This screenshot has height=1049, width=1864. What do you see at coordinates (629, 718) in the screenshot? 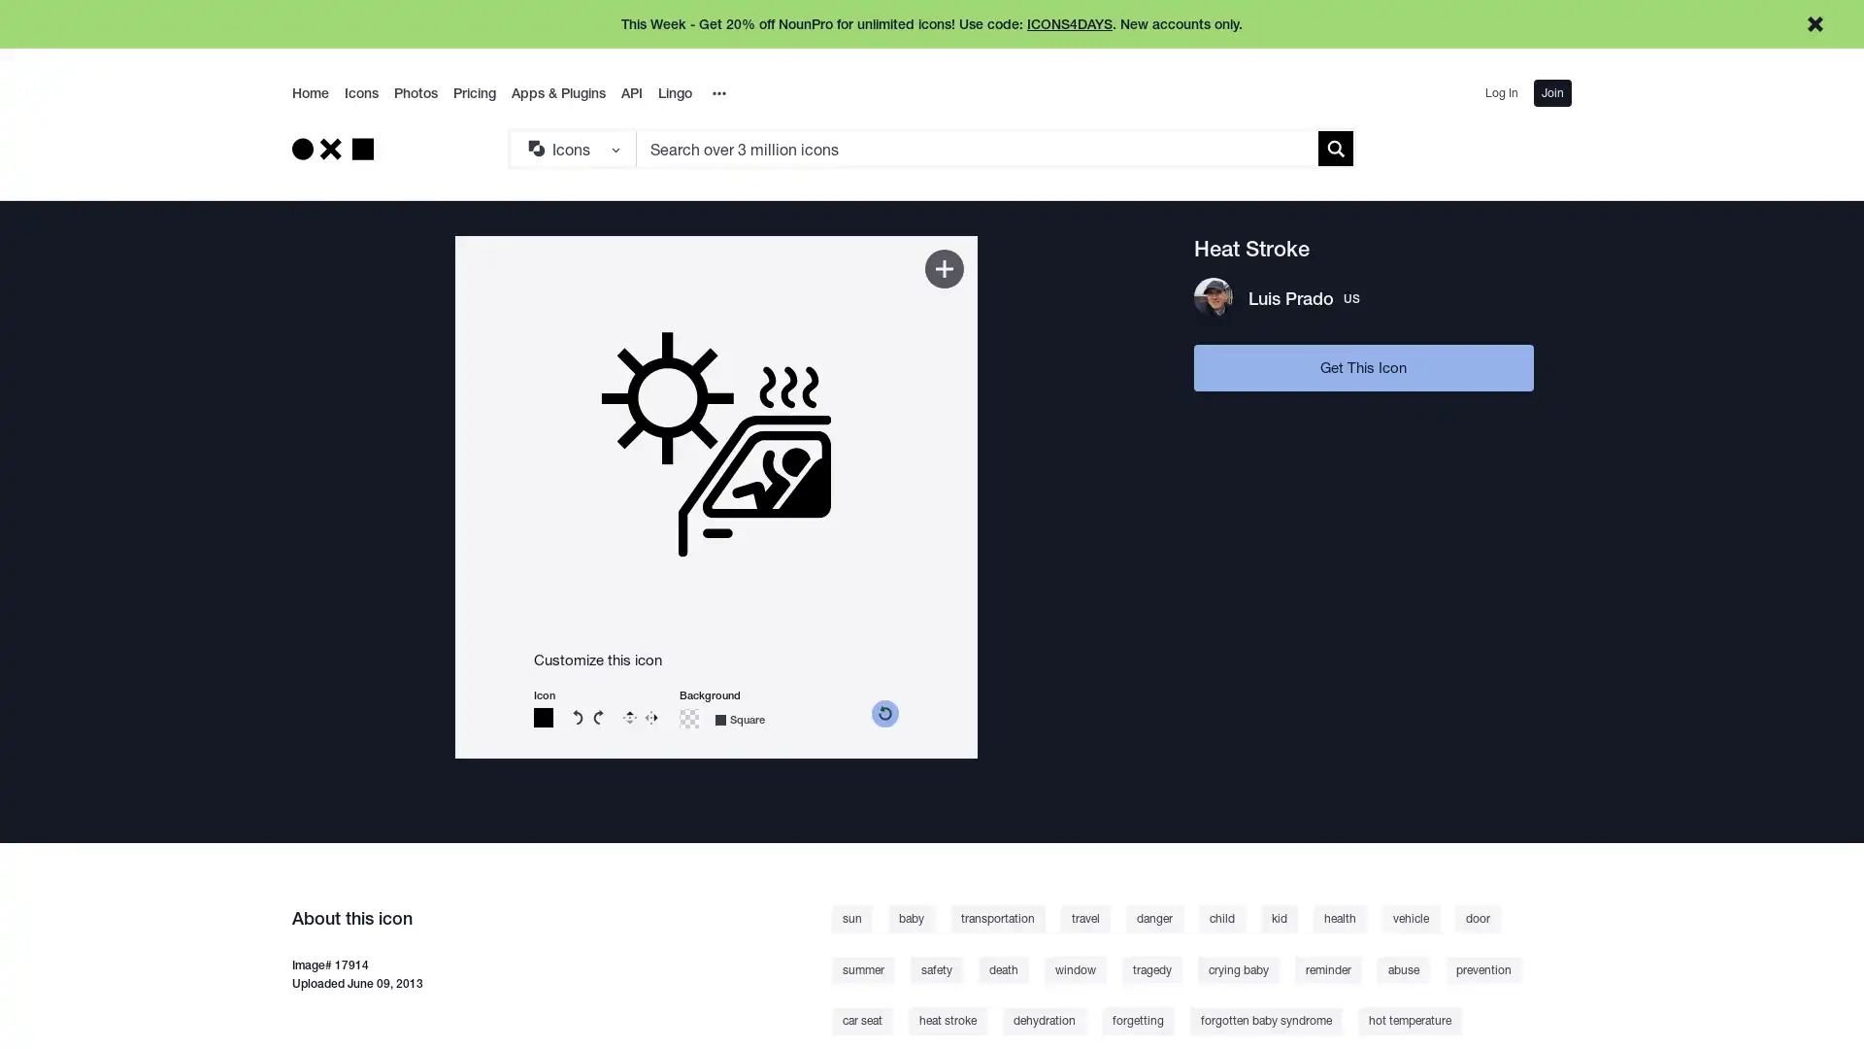
I see `Flip` at bounding box center [629, 718].